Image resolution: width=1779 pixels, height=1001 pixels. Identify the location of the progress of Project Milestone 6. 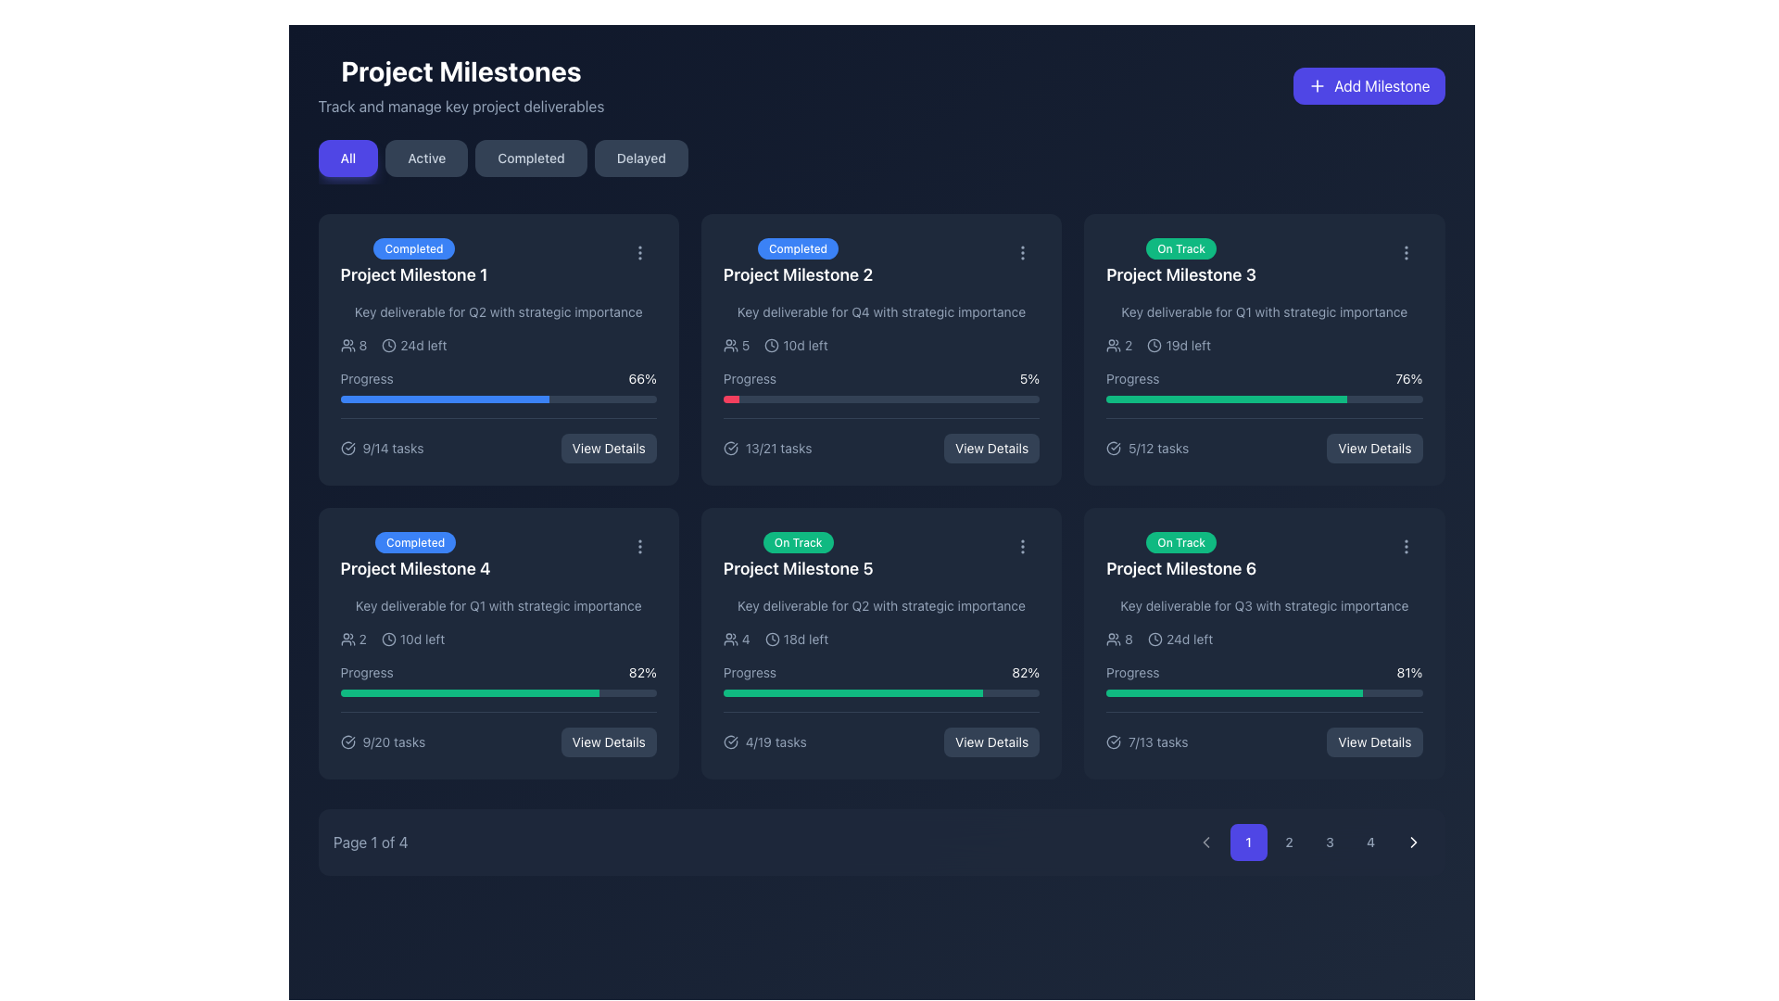
(1292, 693).